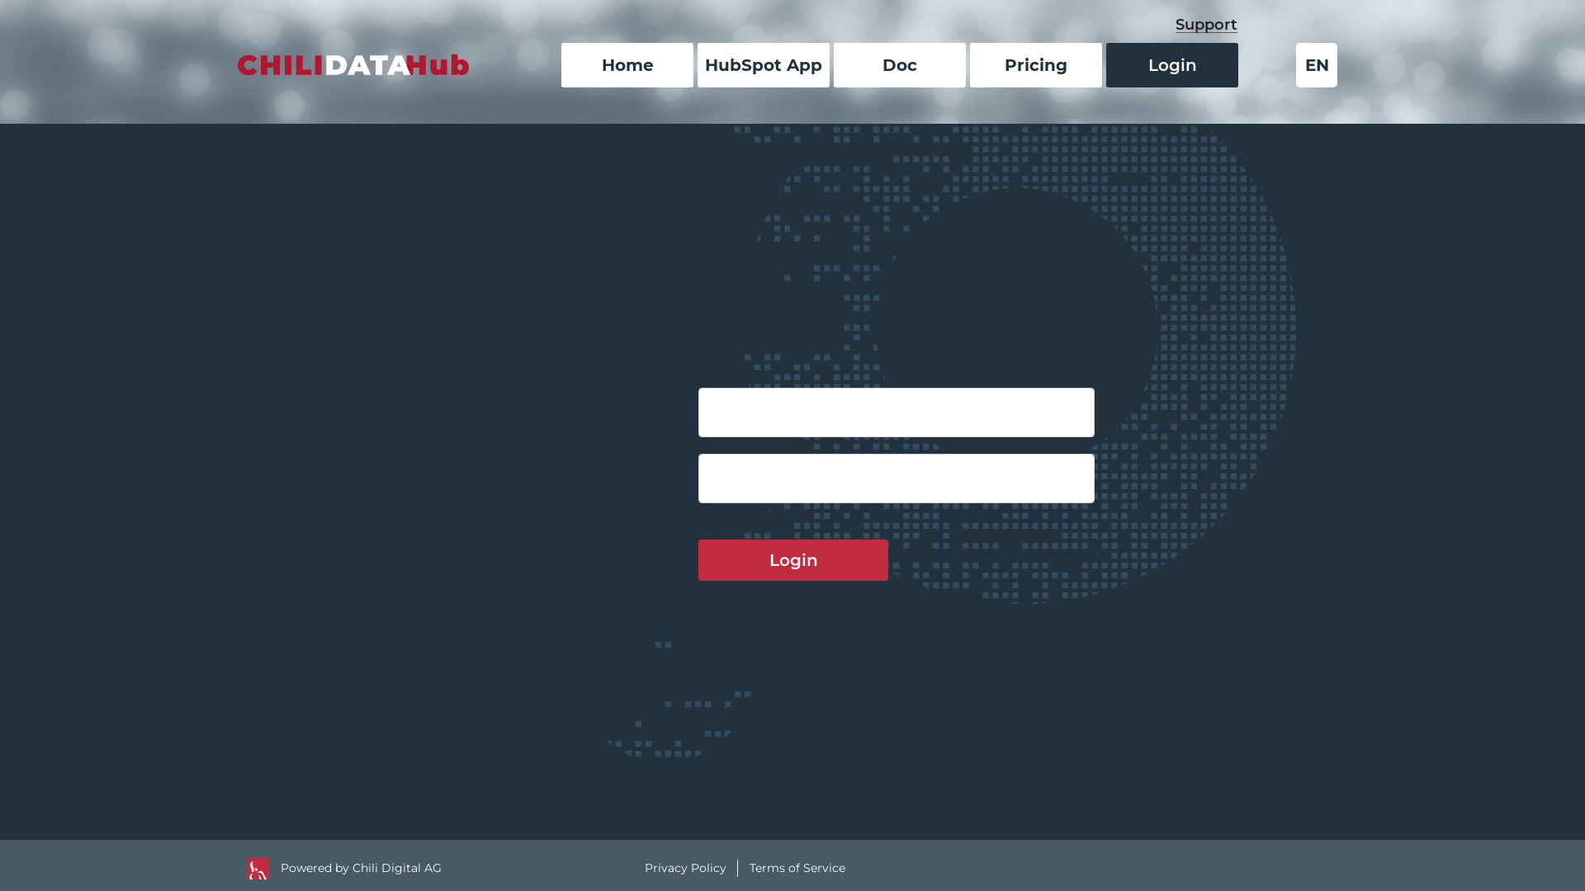  I want to click on 'Terms of Service', so click(797, 867).